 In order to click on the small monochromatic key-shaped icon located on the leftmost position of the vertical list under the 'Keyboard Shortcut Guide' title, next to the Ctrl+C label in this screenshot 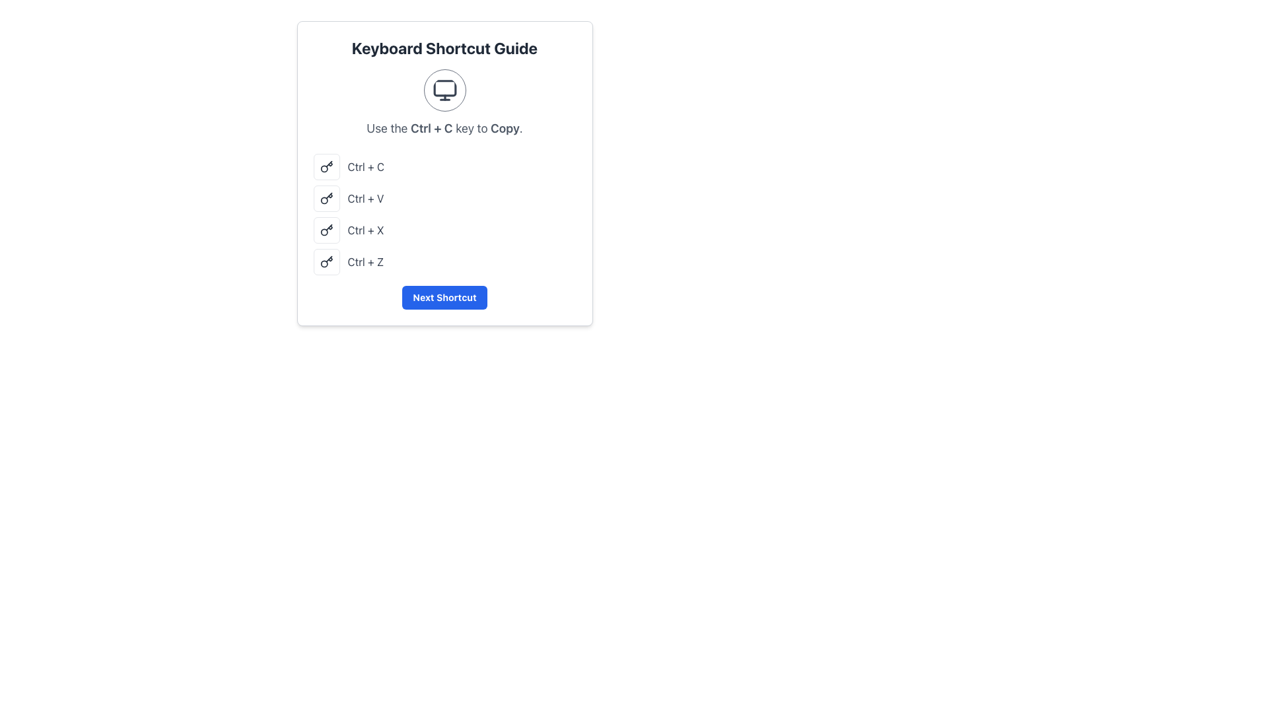, I will do `click(326, 166)`.